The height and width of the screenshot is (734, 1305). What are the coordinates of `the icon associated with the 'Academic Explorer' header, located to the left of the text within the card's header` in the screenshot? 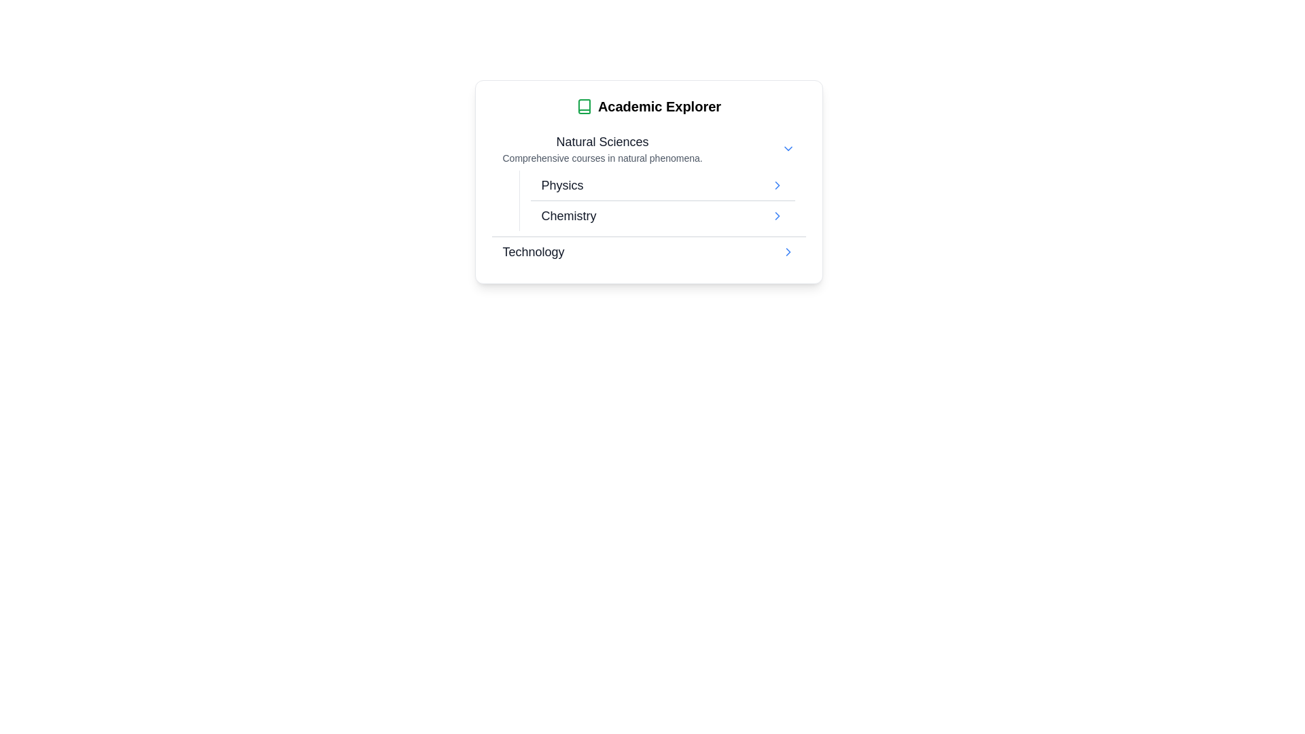 It's located at (584, 106).